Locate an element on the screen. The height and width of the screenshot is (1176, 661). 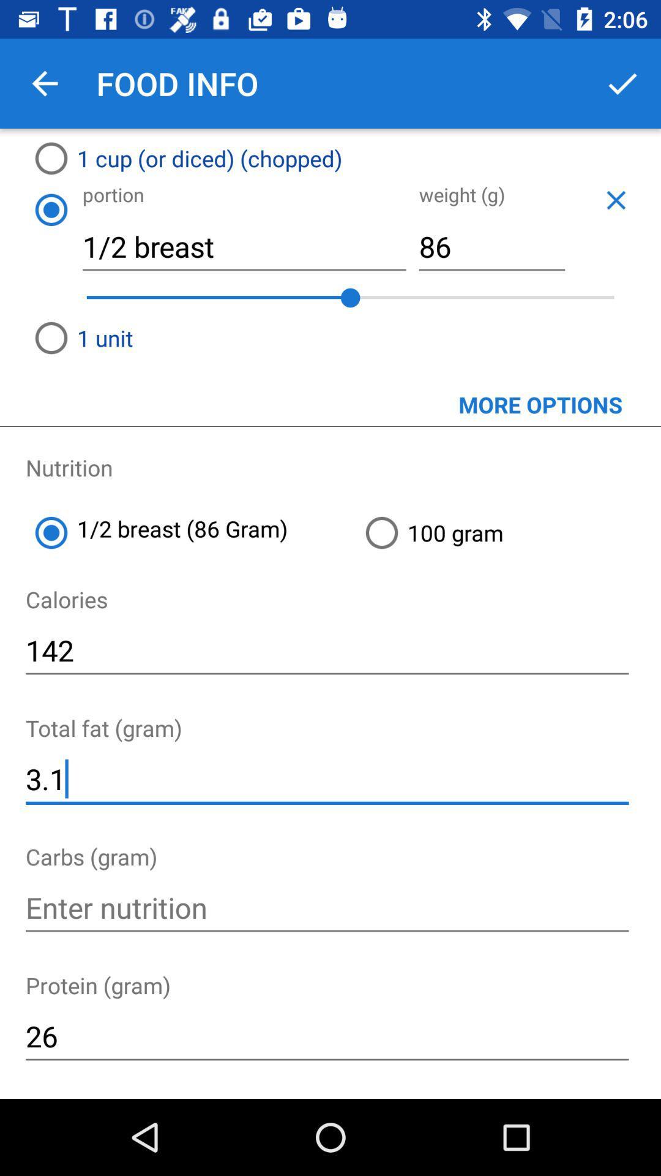
142 item is located at coordinates (326, 650).